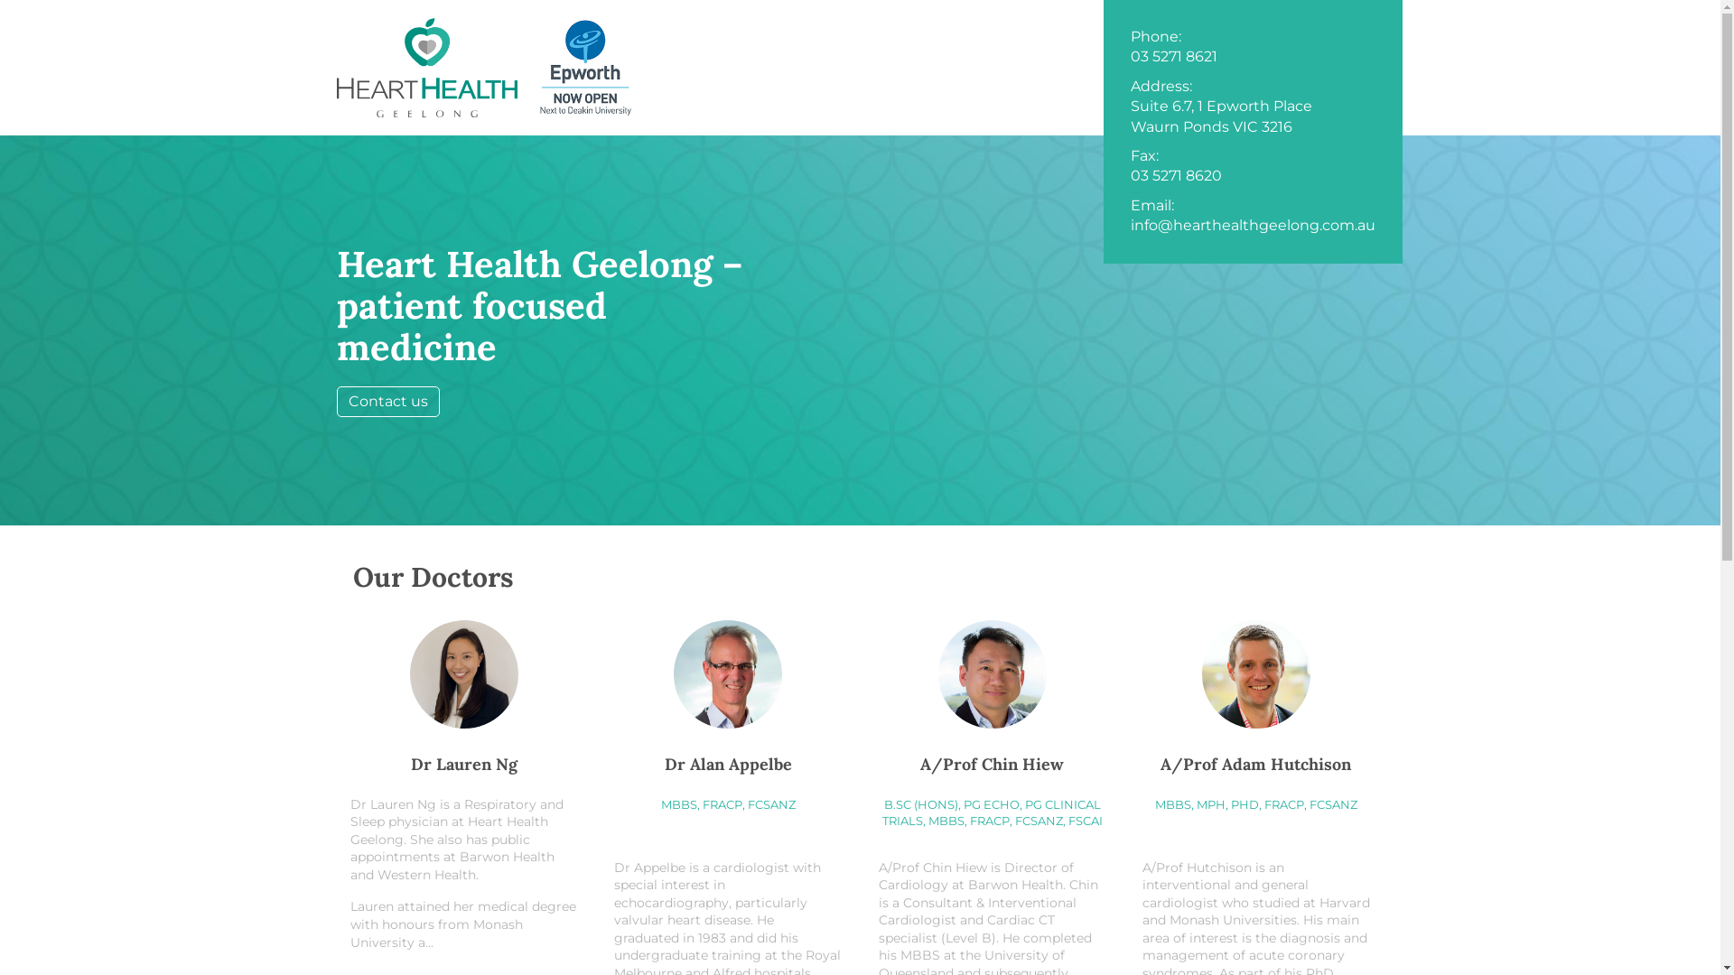 Image resolution: width=1734 pixels, height=975 pixels. I want to click on 'Contact us', so click(386, 400).